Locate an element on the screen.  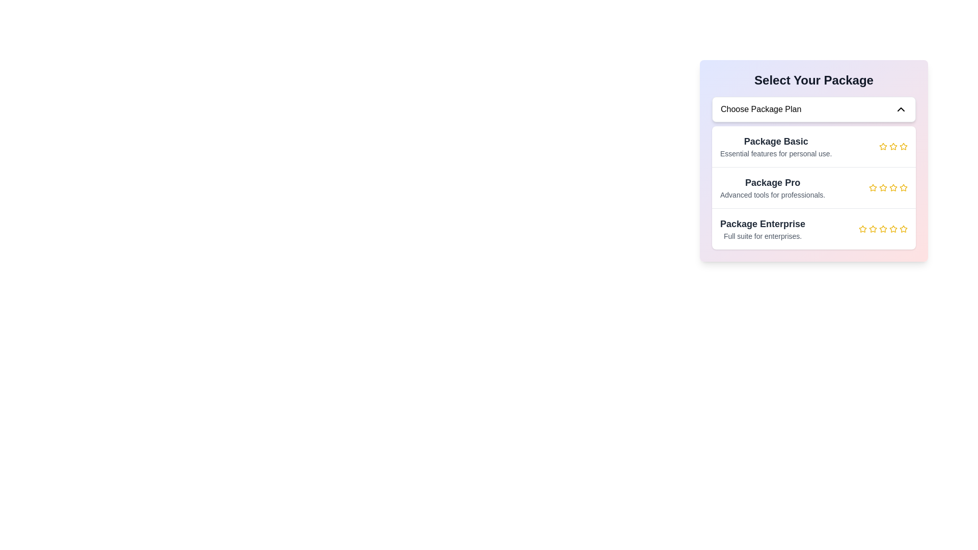
the first star icon located to the right of the 'Package Enterprise' plan description to rate it is located at coordinates (862, 229).